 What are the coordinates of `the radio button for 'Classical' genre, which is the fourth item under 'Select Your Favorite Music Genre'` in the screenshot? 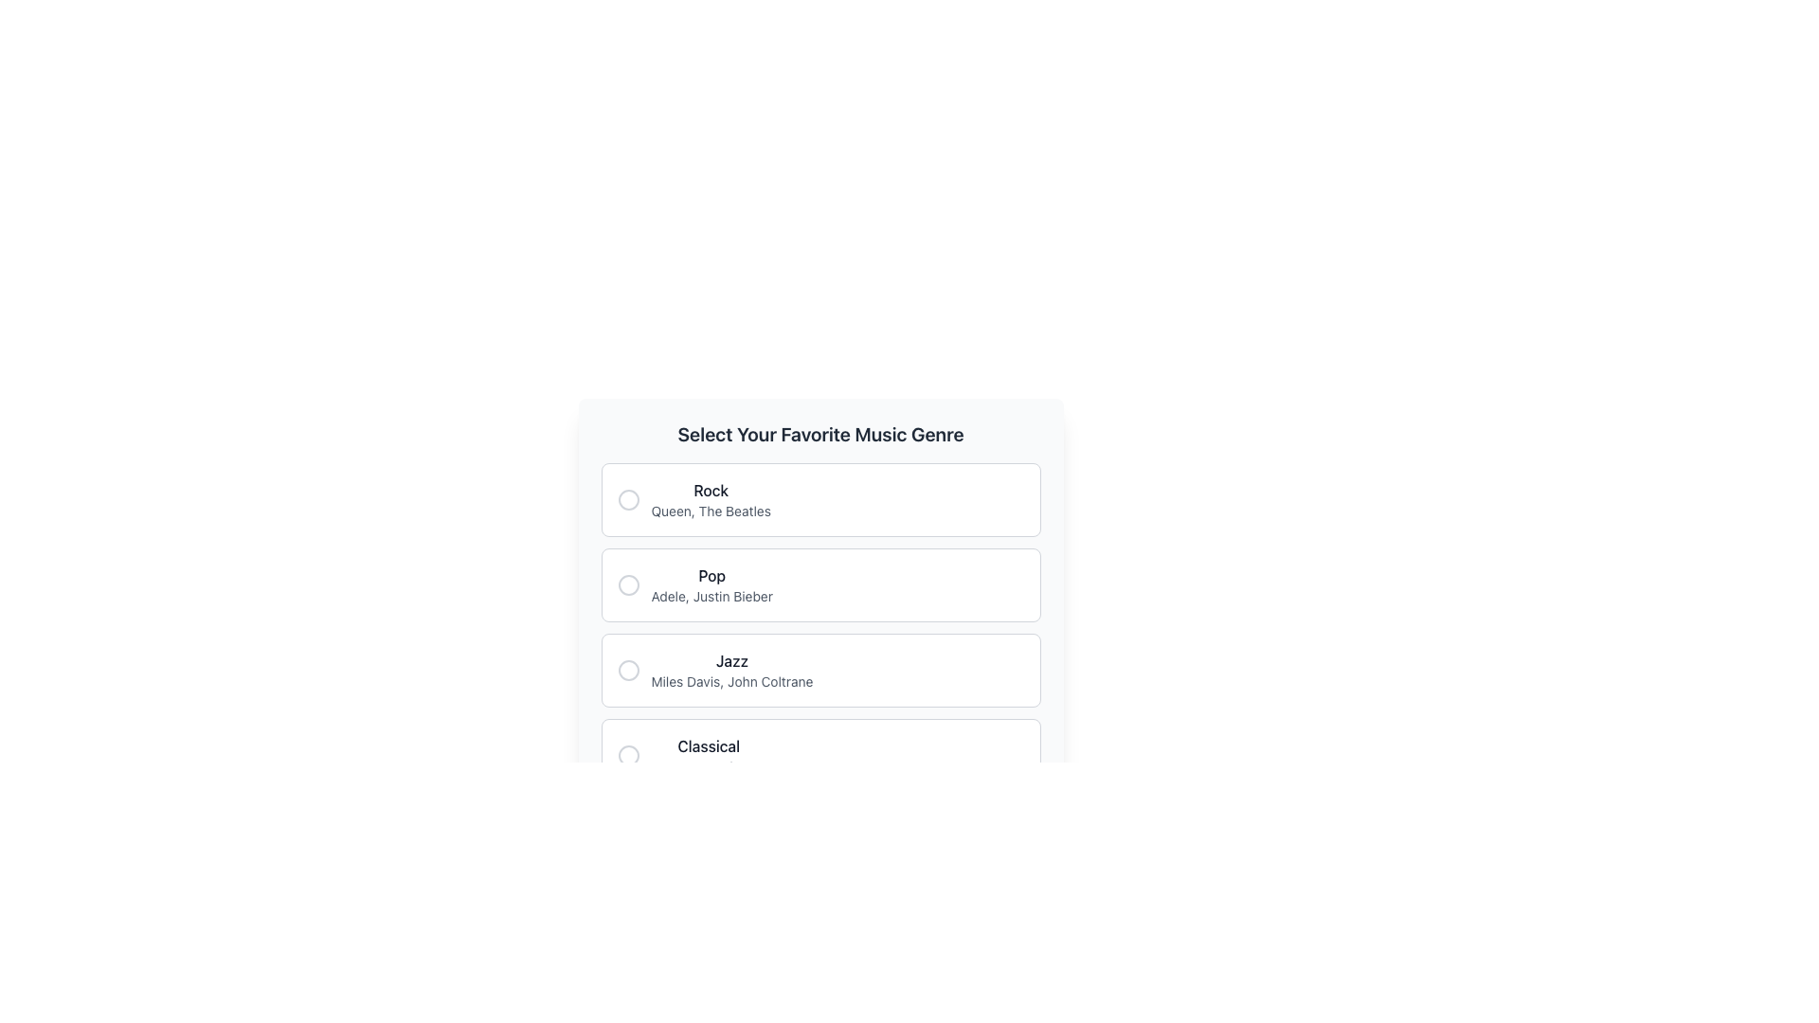 It's located at (820, 755).